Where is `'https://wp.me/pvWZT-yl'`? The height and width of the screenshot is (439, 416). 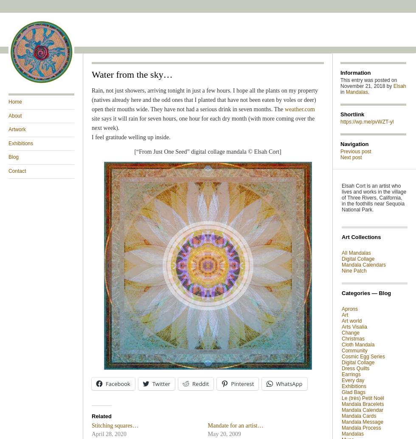 'https://wp.me/pvWZT-yl' is located at coordinates (367, 121).